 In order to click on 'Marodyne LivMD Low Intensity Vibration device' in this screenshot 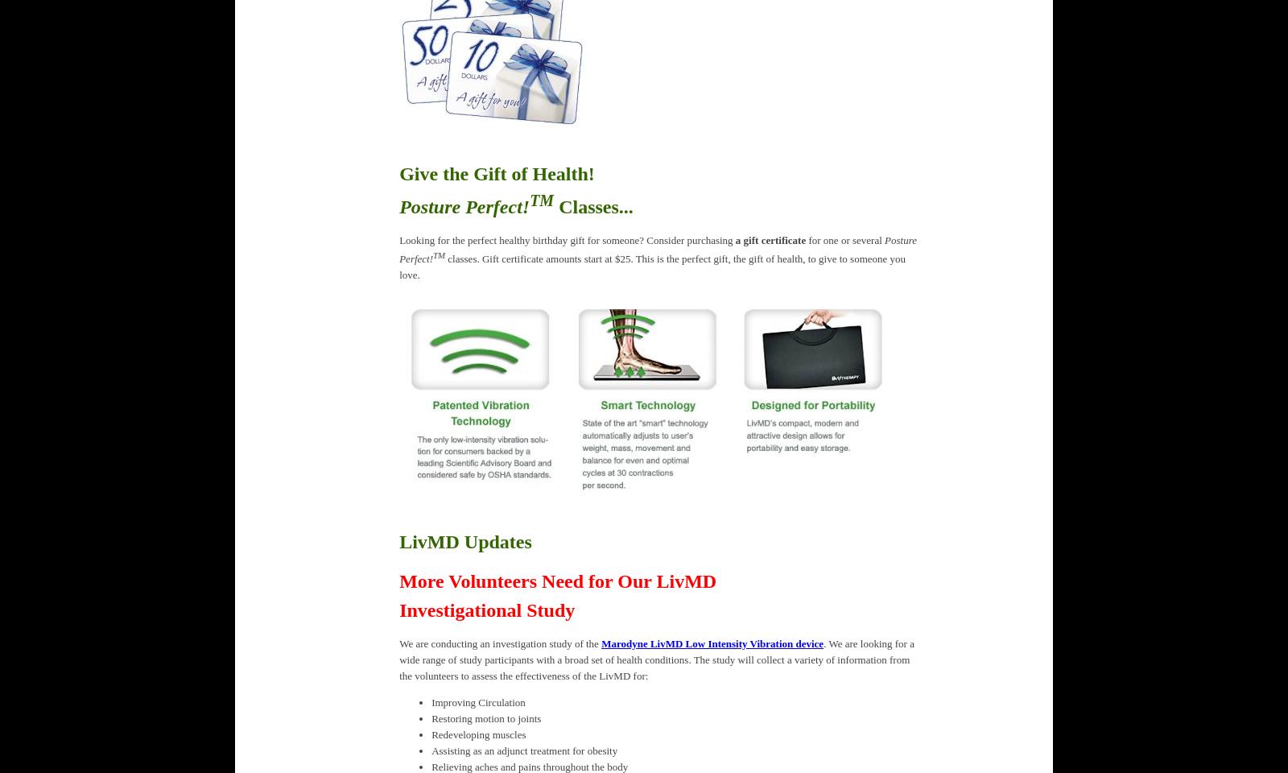, I will do `click(711, 643)`.